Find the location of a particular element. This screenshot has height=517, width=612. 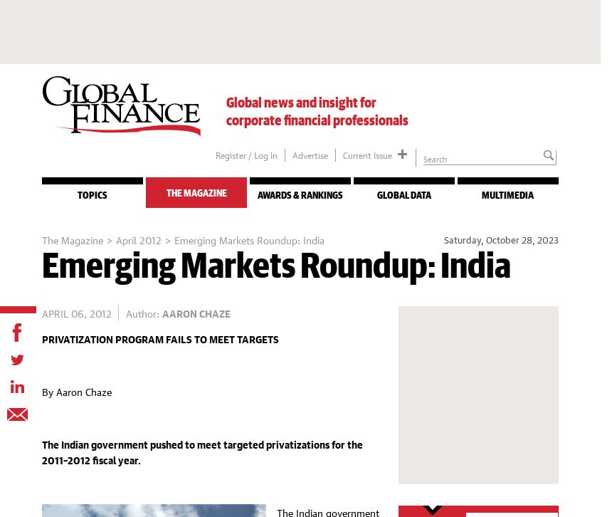

'Current Issue' is located at coordinates (366, 153).